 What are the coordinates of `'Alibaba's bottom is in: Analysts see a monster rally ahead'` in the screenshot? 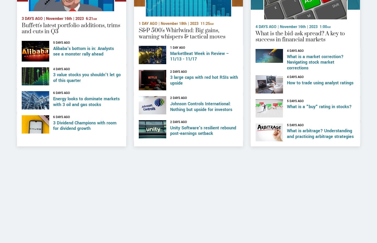 It's located at (83, 68).